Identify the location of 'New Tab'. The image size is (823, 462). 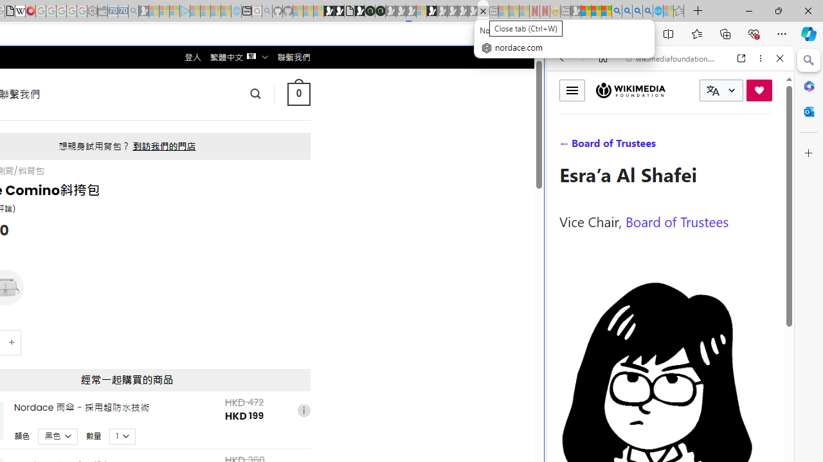
(698, 11).